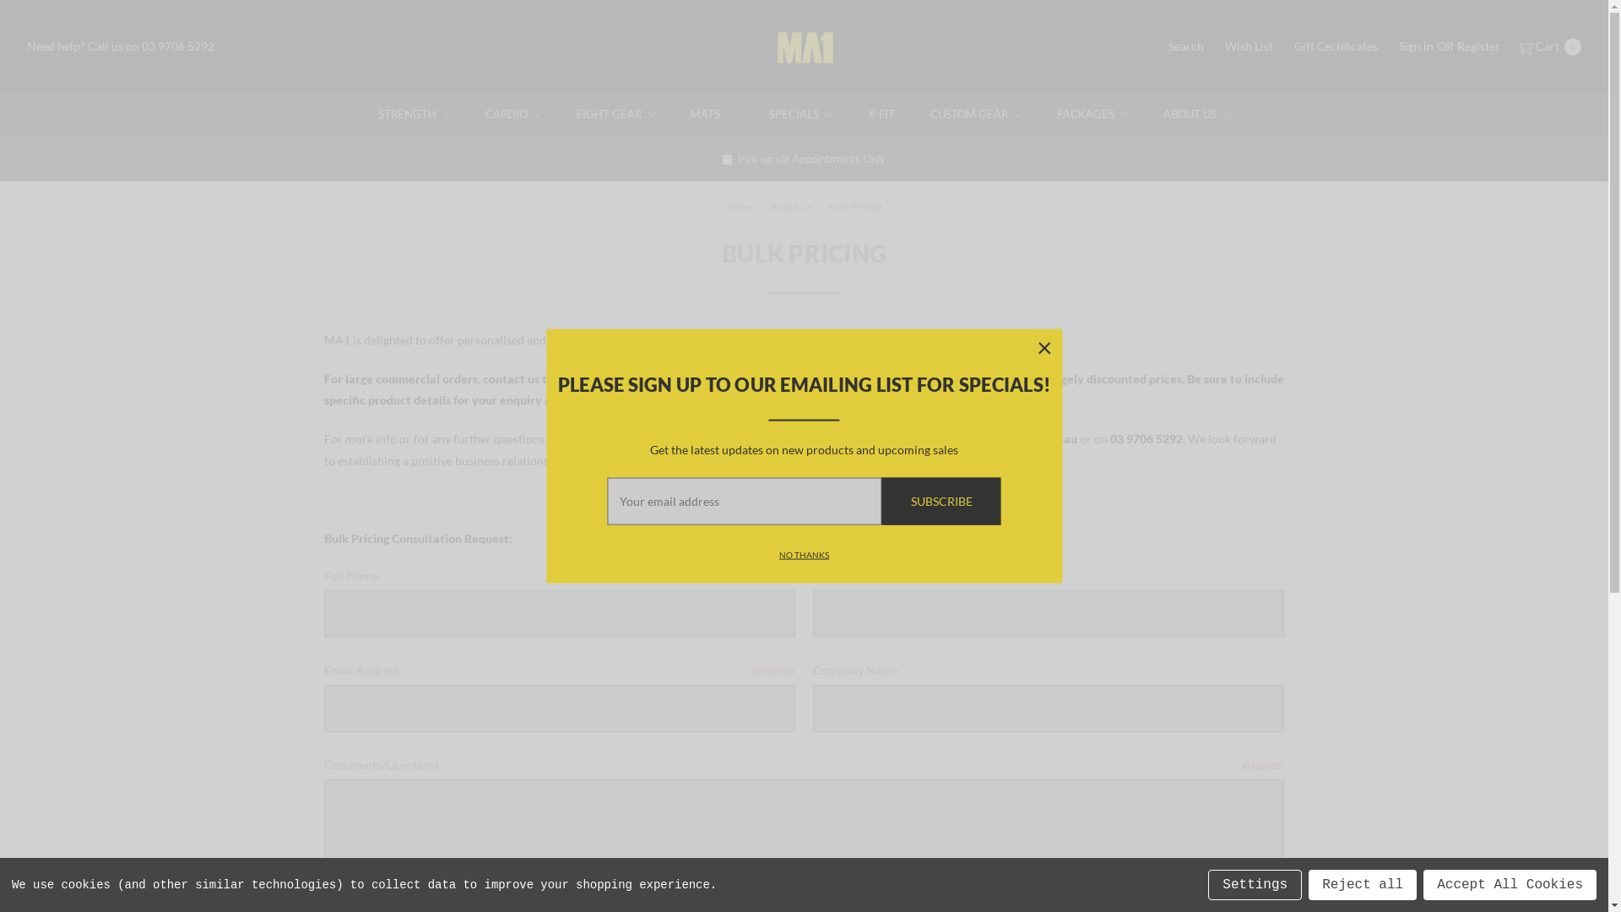 The image size is (1621, 912). What do you see at coordinates (512, 114) in the screenshot?
I see `'CARDIO'` at bounding box center [512, 114].